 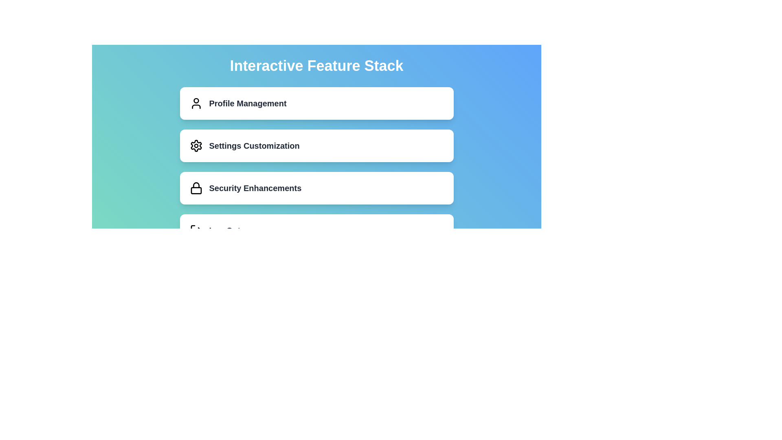 I want to click on the 'Security Enhancements' text label, so click(x=255, y=188).